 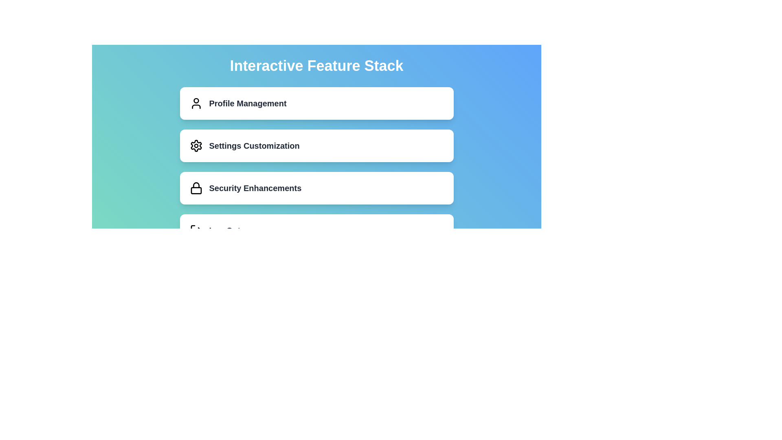 I want to click on the 'Security Enhancements' text label, so click(x=255, y=188).